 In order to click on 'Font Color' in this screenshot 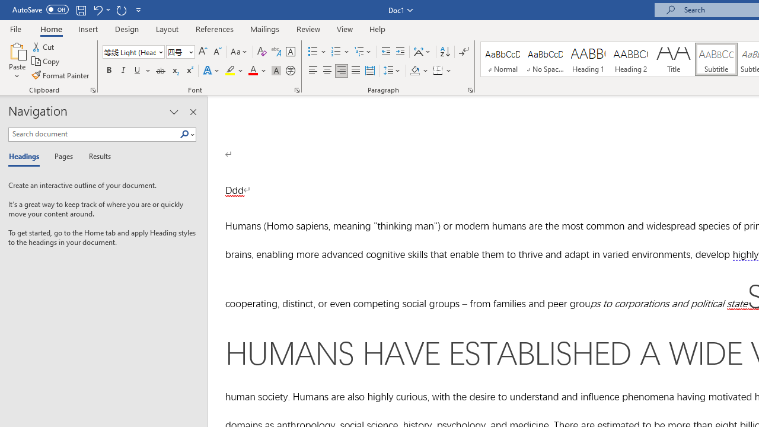, I will do `click(257, 71)`.